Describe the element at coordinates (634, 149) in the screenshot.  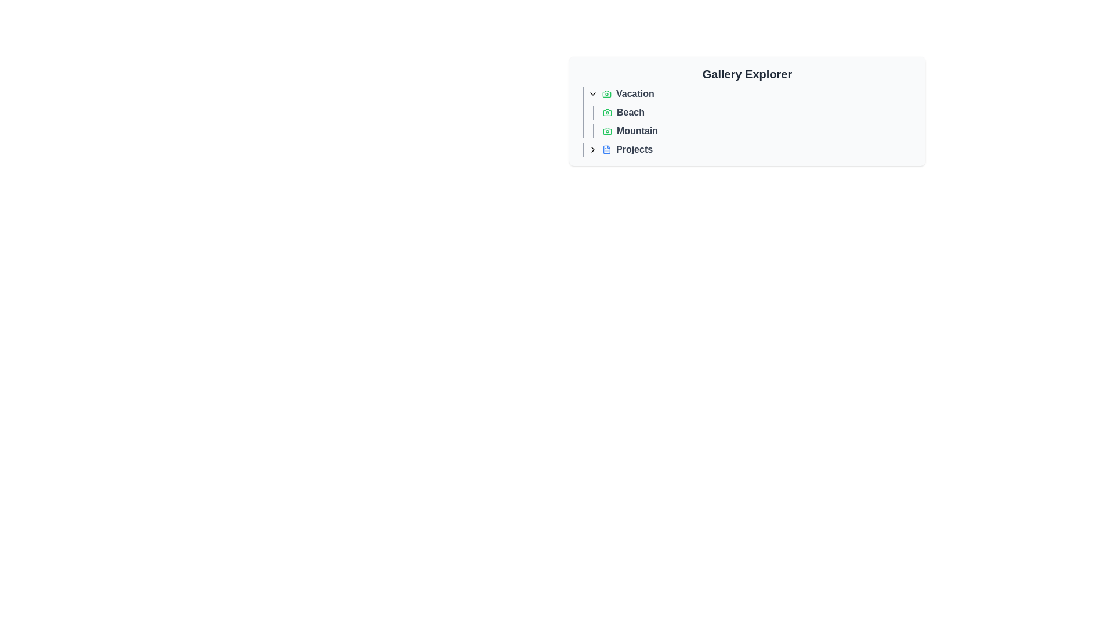
I see `the 'Projects' label` at that location.